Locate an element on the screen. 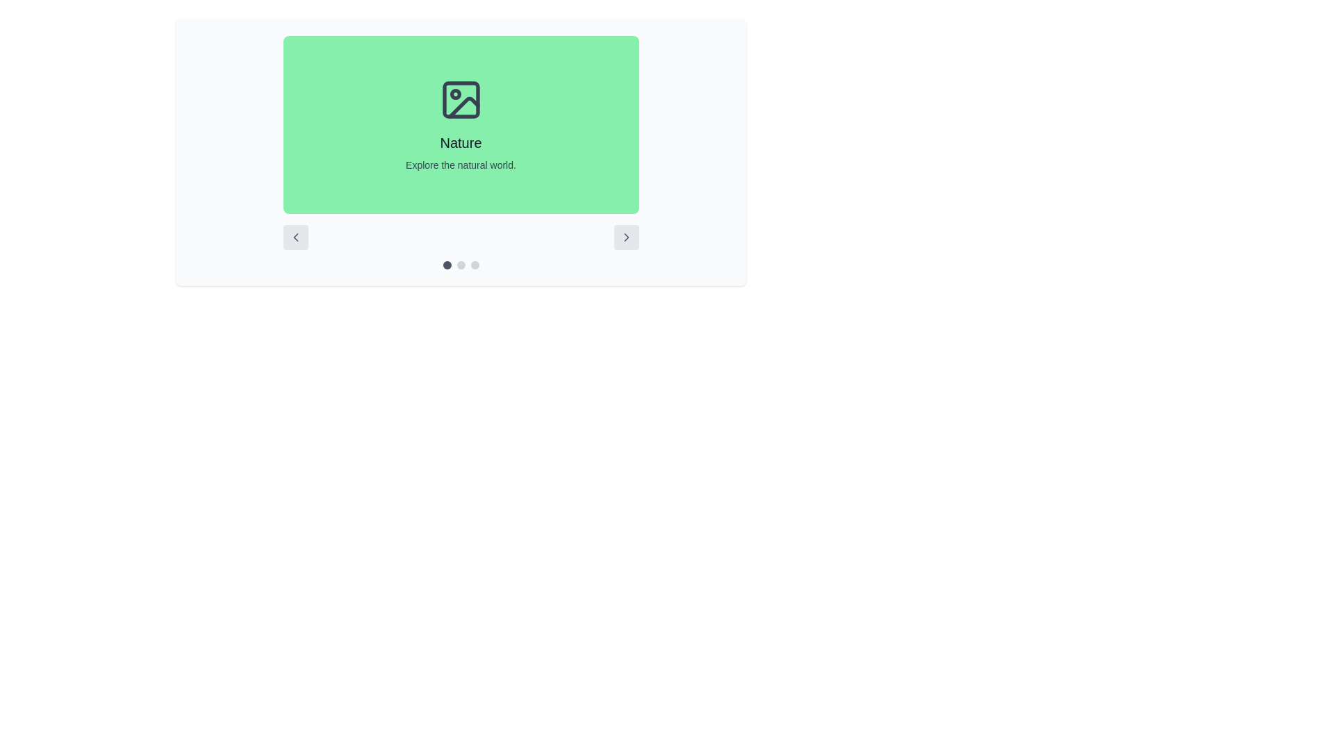 The image size is (1334, 750). the upper portion of the illustrated icon group represented by the SVG rectangle within a green card interface is located at coordinates (461, 99).